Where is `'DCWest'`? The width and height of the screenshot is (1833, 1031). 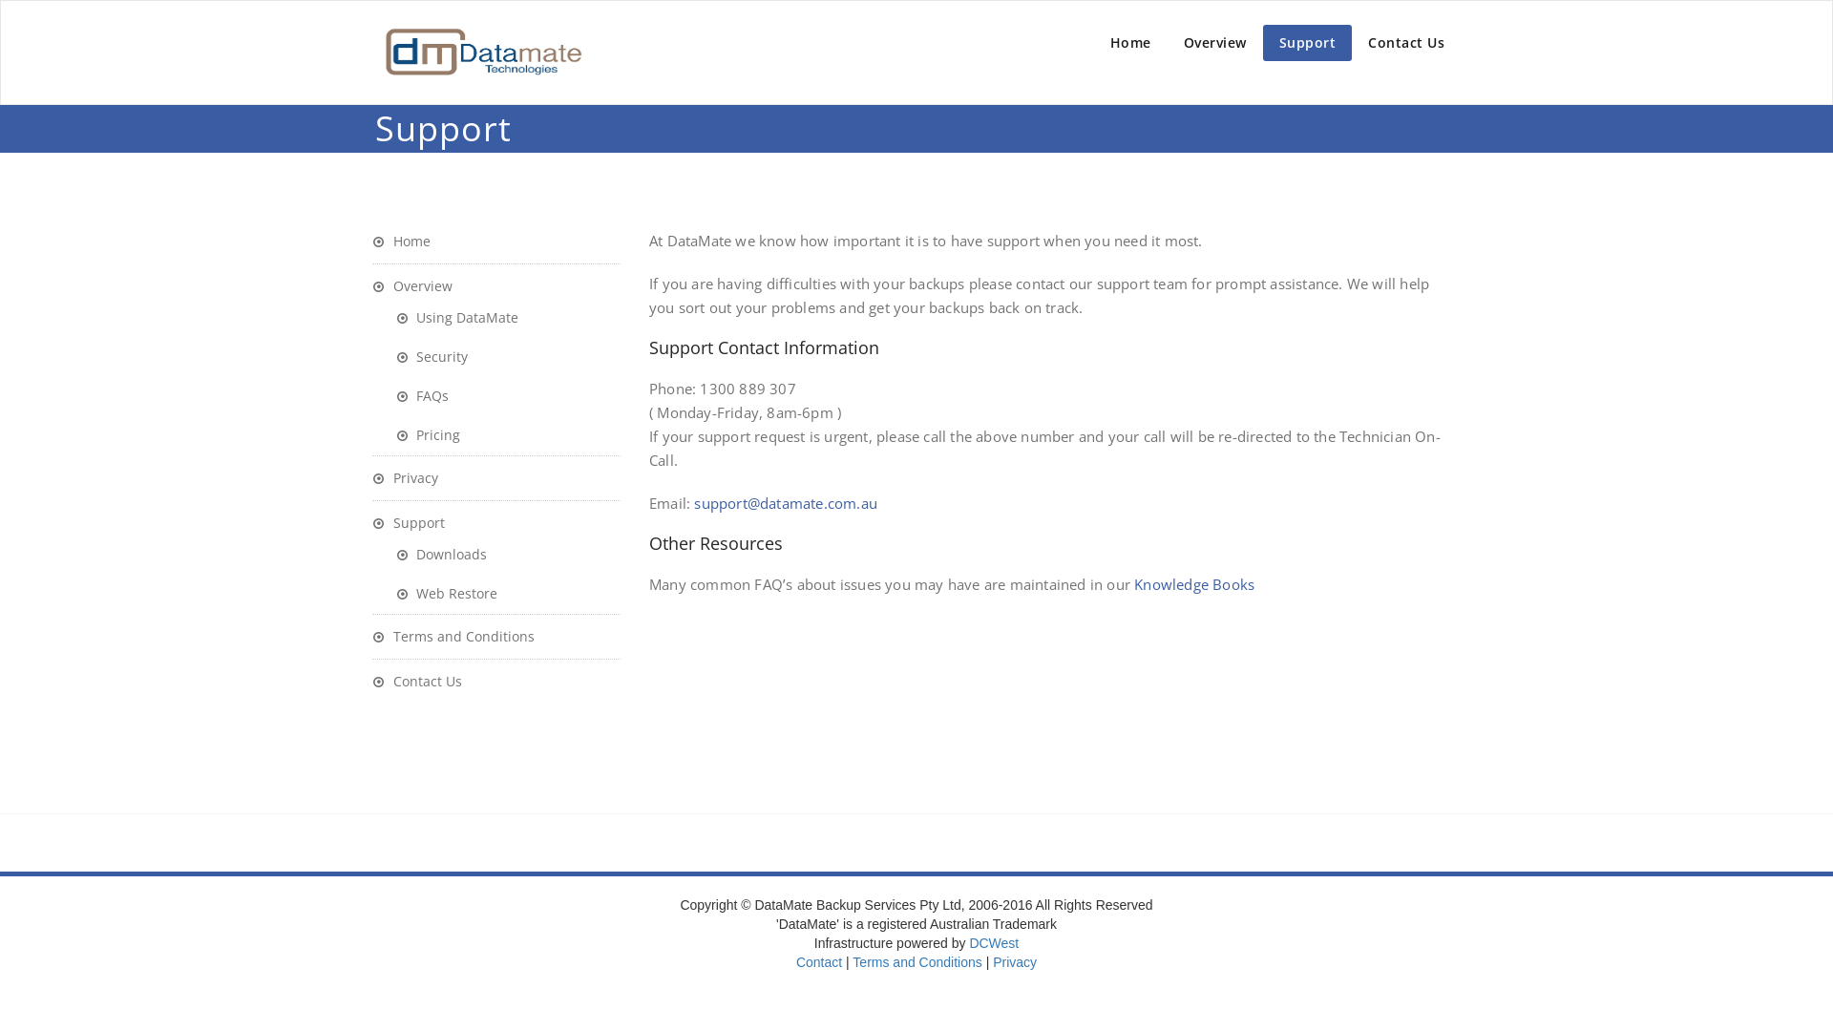
'DCWest' is located at coordinates (993, 941).